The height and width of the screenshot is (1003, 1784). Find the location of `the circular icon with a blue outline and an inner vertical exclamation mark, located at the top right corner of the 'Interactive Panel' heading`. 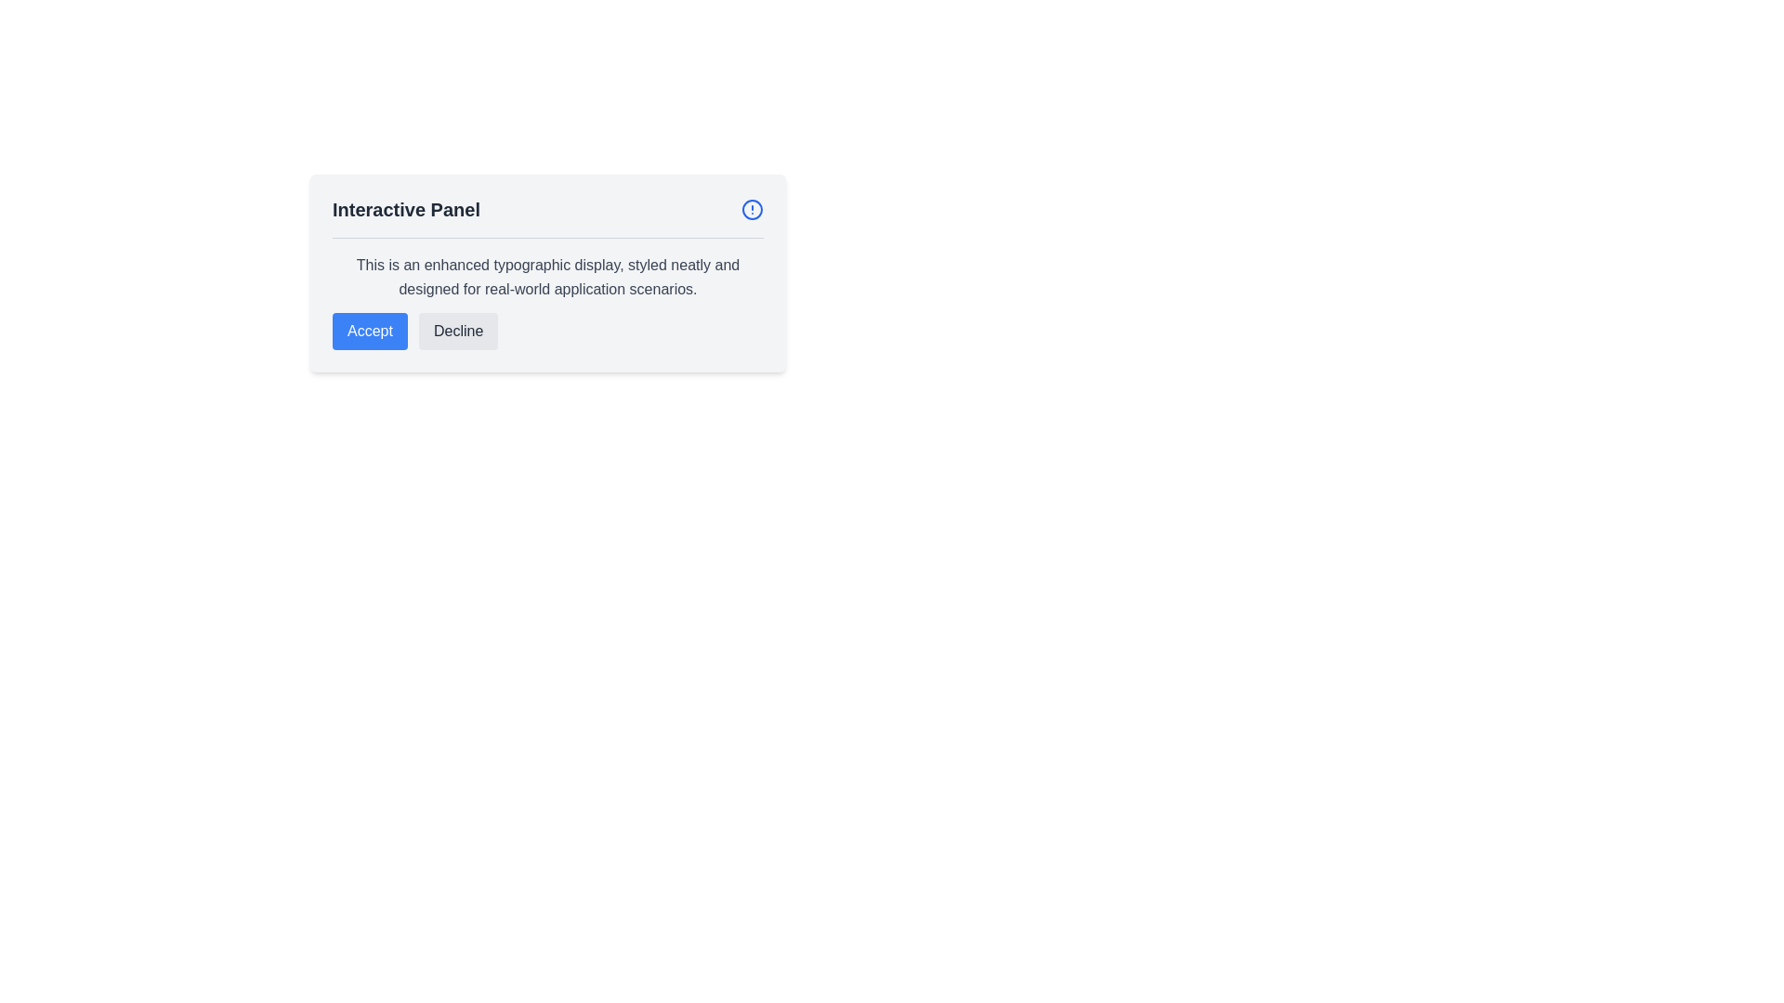

the circular icon with a blue outline and an inner vertical exclamation mark, located at the top right corner of the 'Interactive Panel' heading is located at coordinates (753, 209).